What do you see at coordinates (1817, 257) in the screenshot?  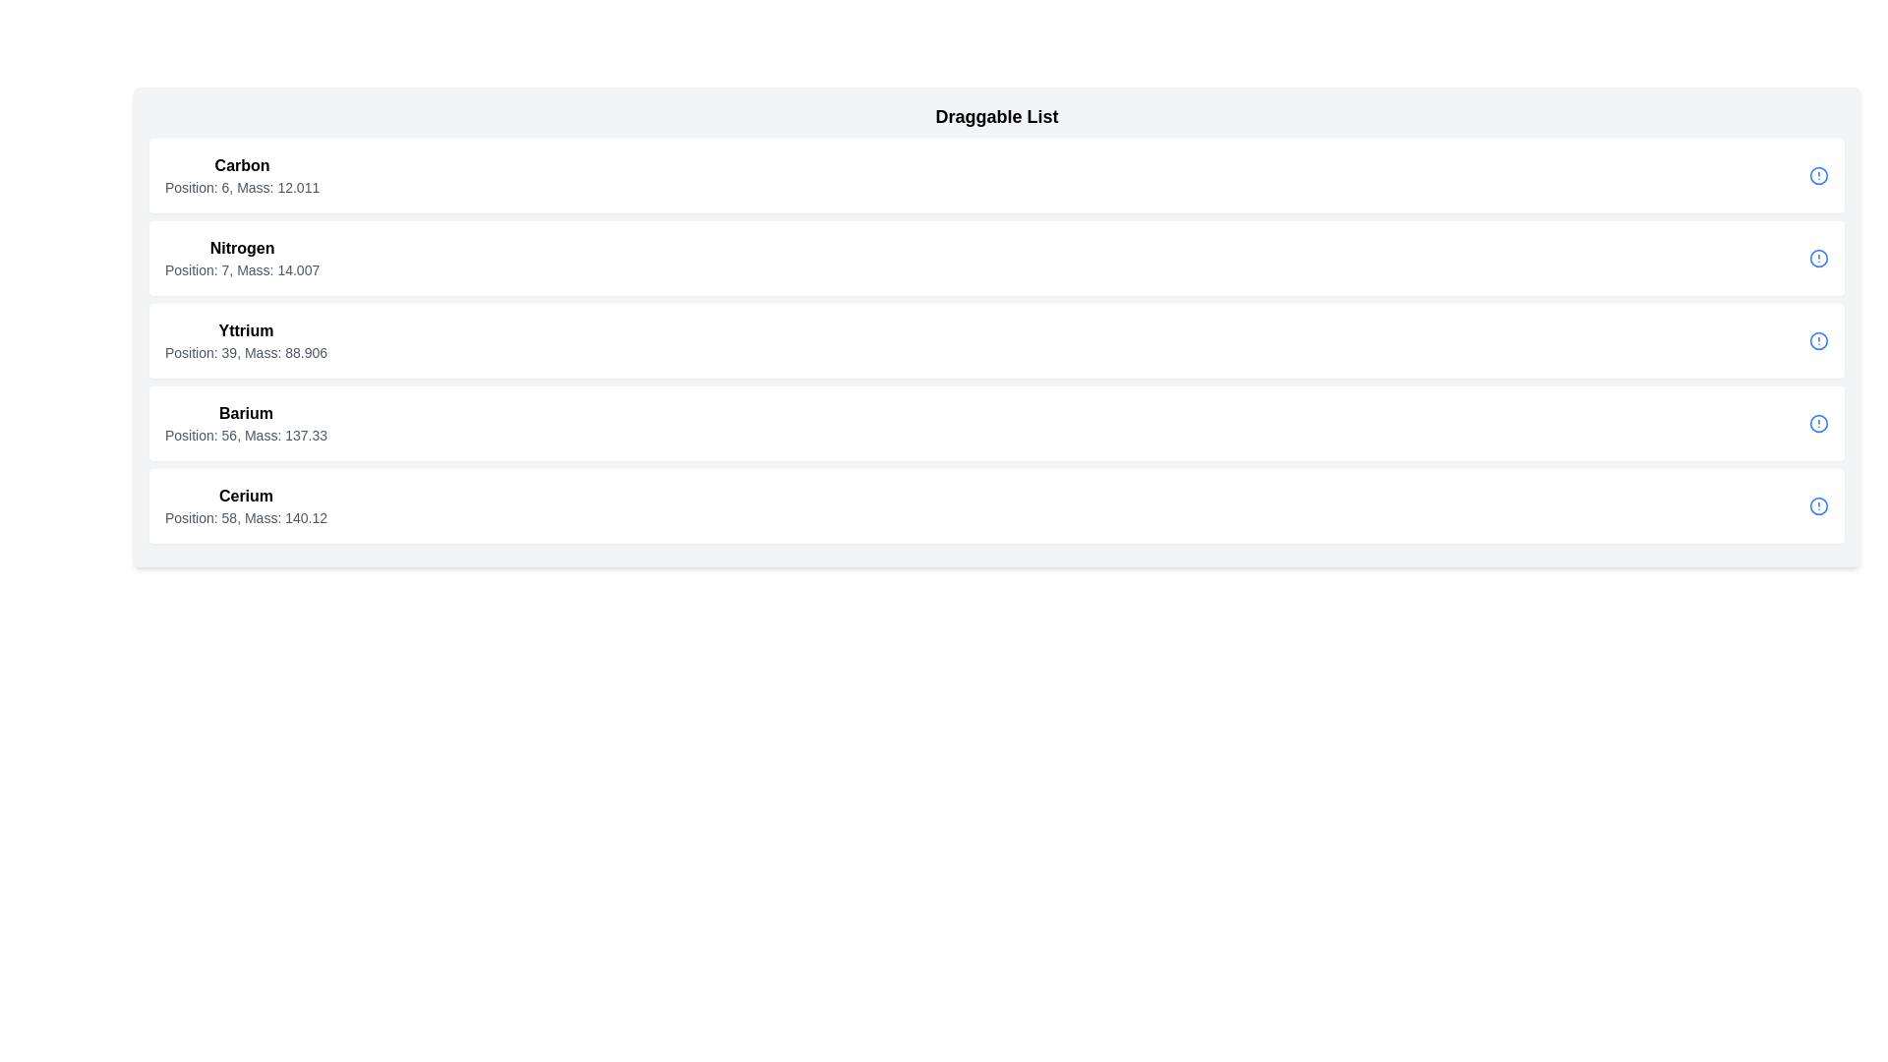 I see `the blue circular icon displayed in the 'Nitrogen' row` at bounding box center [1817, 257].